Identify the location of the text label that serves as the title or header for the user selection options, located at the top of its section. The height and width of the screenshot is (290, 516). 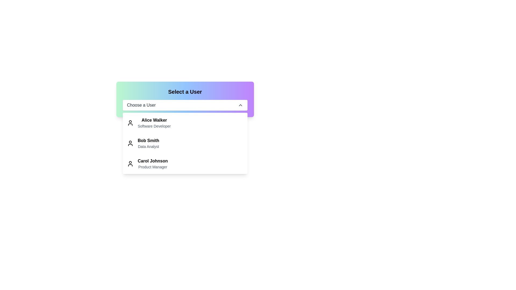
(185, 92).